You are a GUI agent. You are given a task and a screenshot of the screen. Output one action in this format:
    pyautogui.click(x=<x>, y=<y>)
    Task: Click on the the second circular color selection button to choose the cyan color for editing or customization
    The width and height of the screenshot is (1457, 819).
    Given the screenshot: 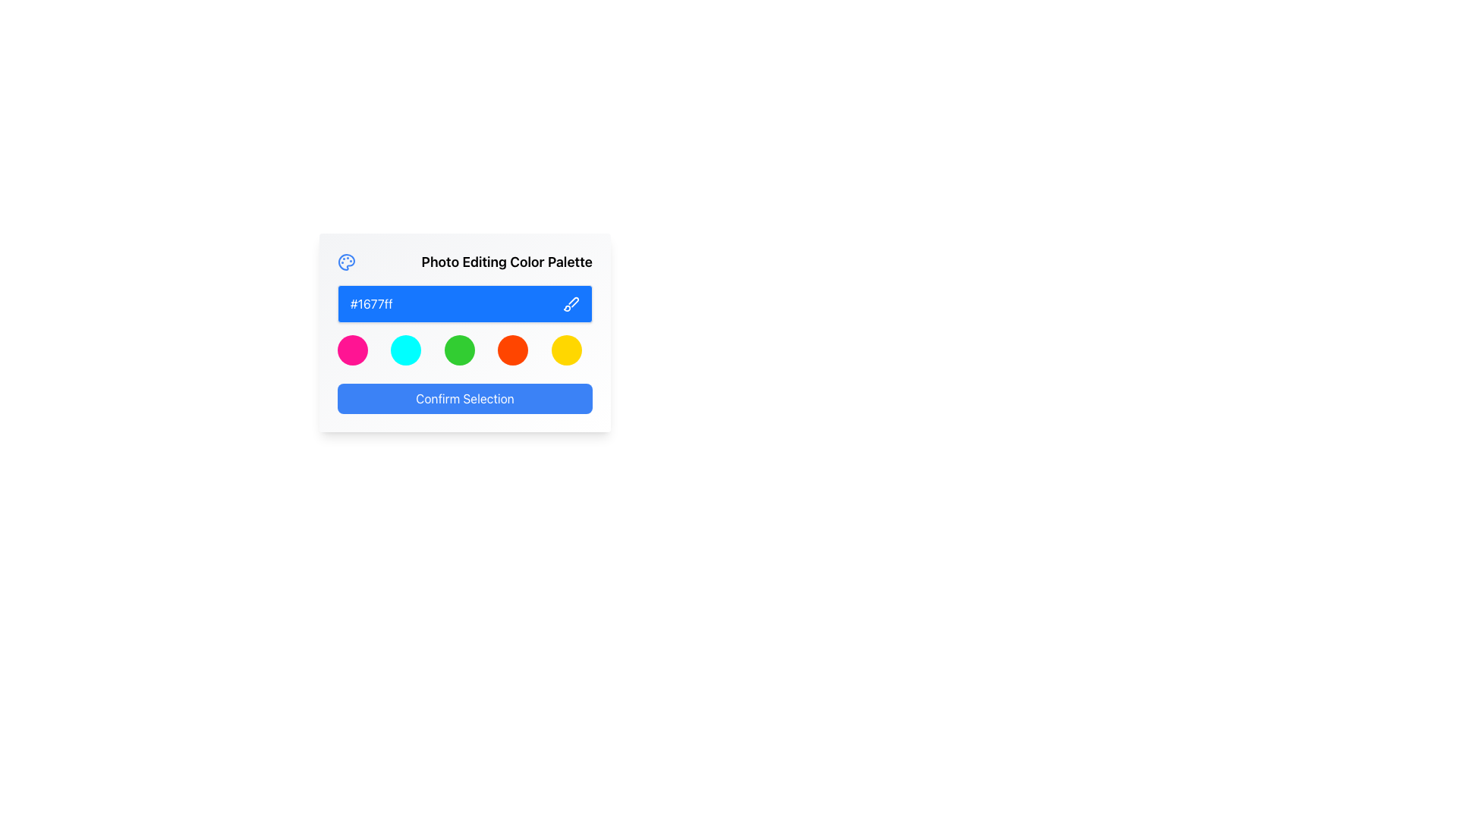 What is the action you would take?
    pyautogui.click(x=406, y=350)
    